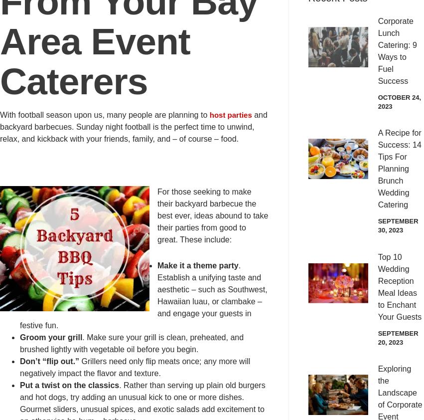 This screenshot has height=420, width=424. Describe the element at coordinates (377, 337) in the screenshot. I see `'September 20, 2023'` at that location.